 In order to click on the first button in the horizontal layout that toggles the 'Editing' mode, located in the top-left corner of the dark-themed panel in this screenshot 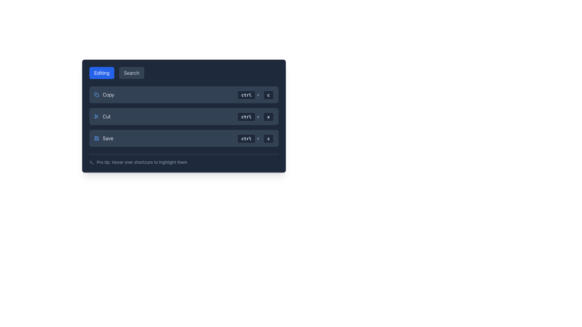, I will do `click(102, 72)`.